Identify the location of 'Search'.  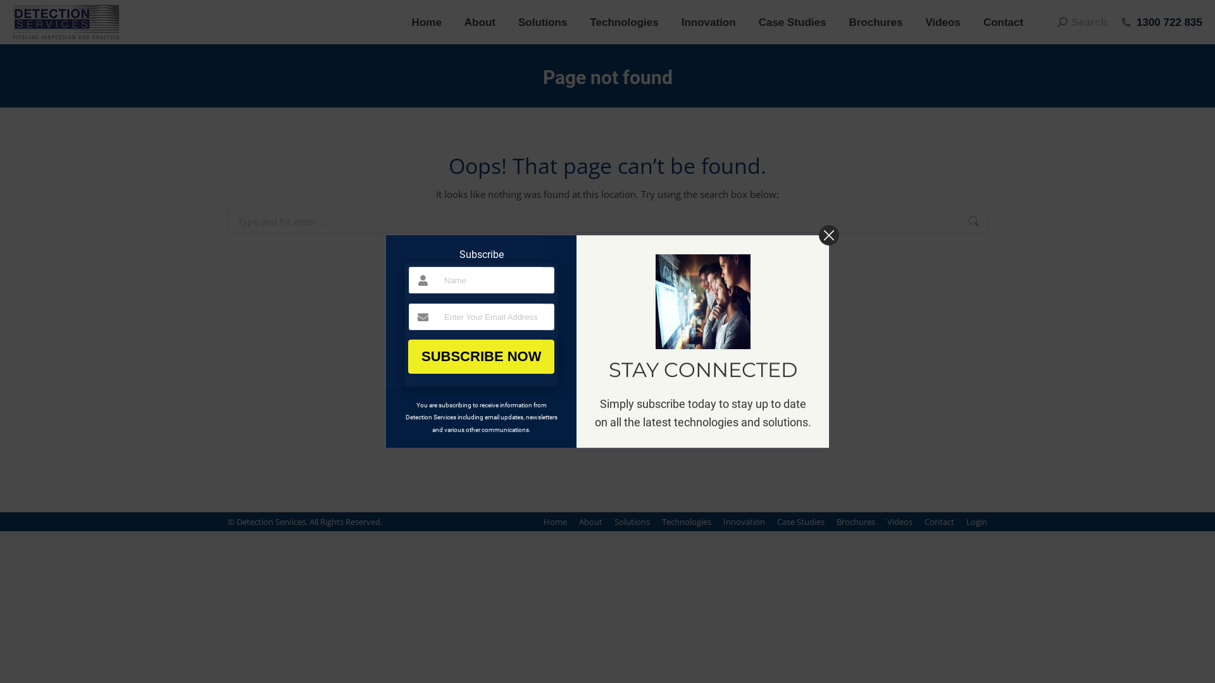
(1081, 22).